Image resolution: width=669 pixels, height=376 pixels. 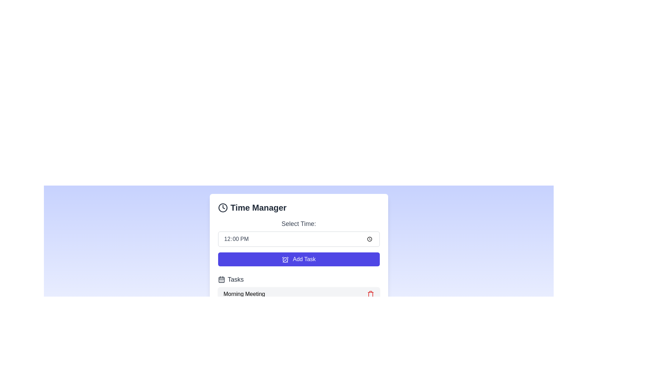 I want to click on the 'Add Task' button located within the 'Time Manager' card, positioned below the time selection input field, so click(x=299, y=259).